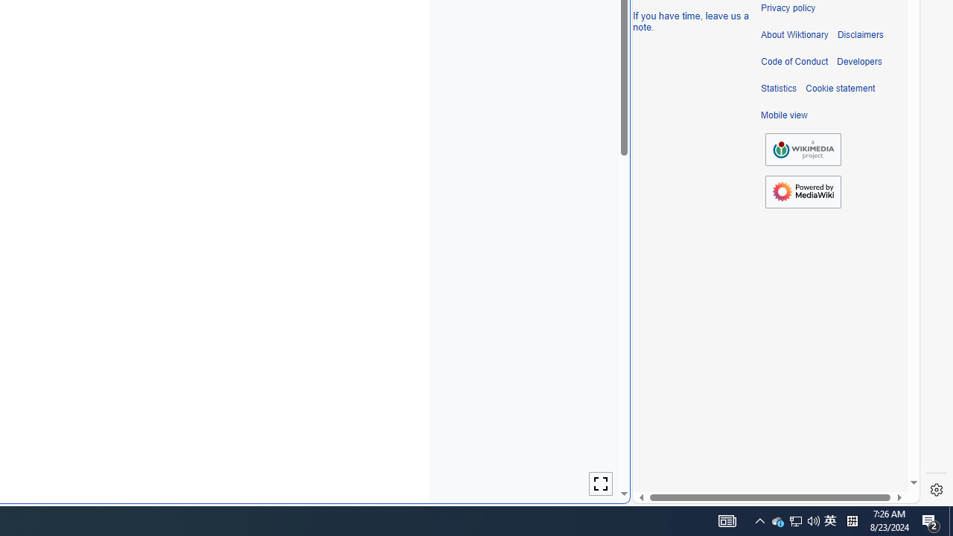 The width and height of the screenshot is (953, 536). I want to click on 'Code of Conduct', so click(794, 61).